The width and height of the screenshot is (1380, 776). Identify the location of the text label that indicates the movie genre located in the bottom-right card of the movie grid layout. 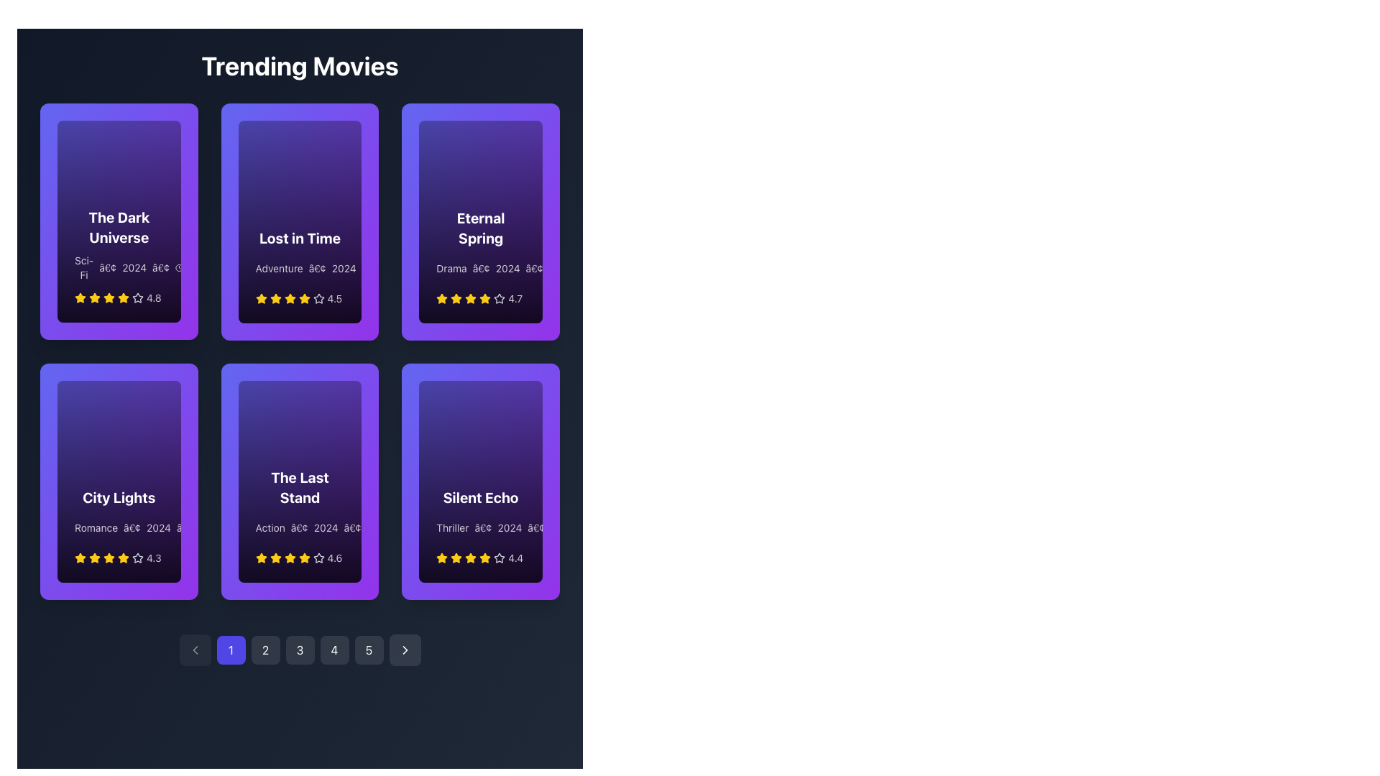
(451, 528).